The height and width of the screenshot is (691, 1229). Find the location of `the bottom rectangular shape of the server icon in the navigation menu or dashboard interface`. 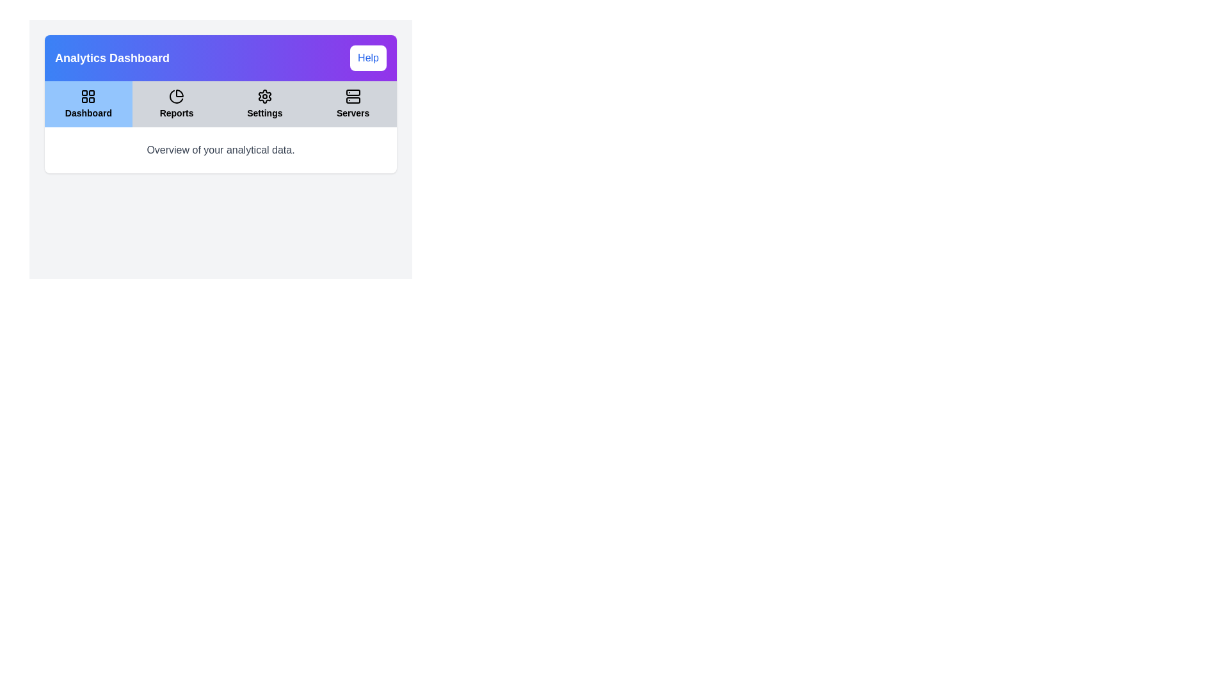

the bottom rectangular shape of the server icon in the navigation menu or dashboard interface is located at coordinates (353, 100).